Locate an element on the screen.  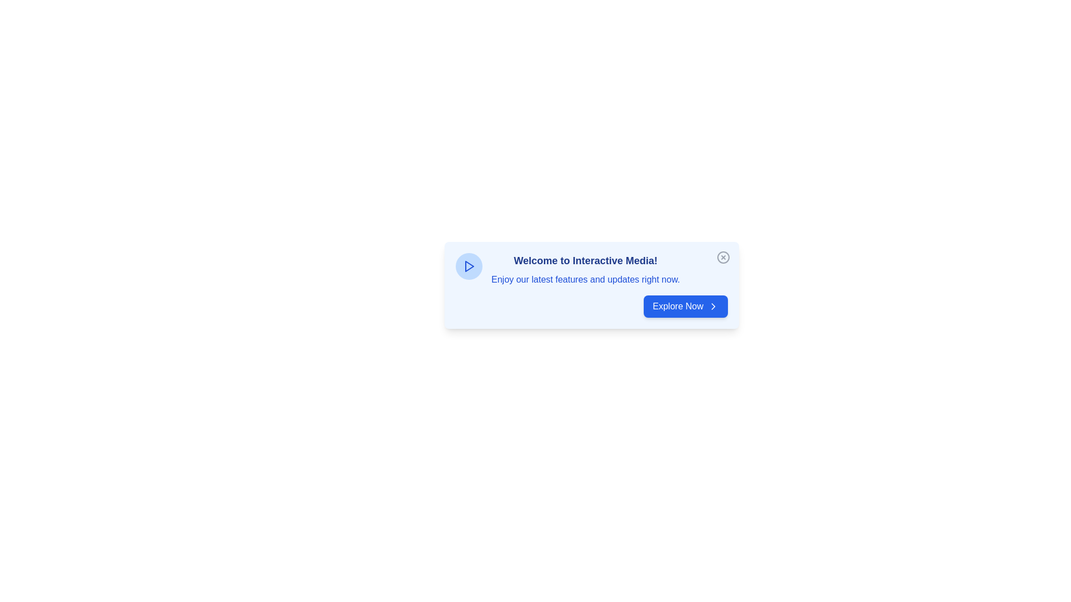
play button to toggle the media state is located at coordinates (469, 266).